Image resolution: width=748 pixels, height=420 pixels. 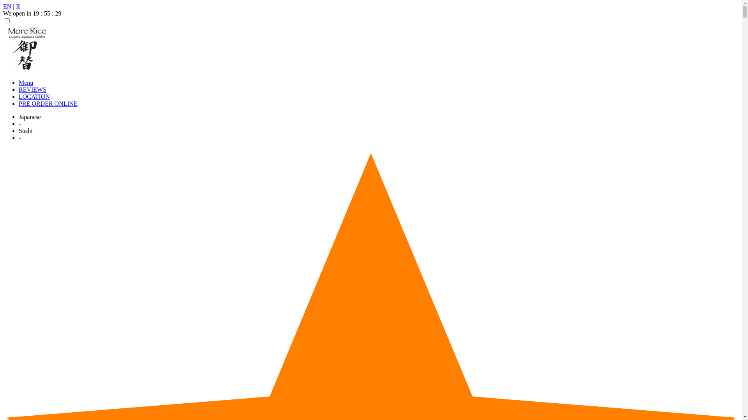 I want to click on 'PRE ORDER ONLINE', so click(x=48, y=103).